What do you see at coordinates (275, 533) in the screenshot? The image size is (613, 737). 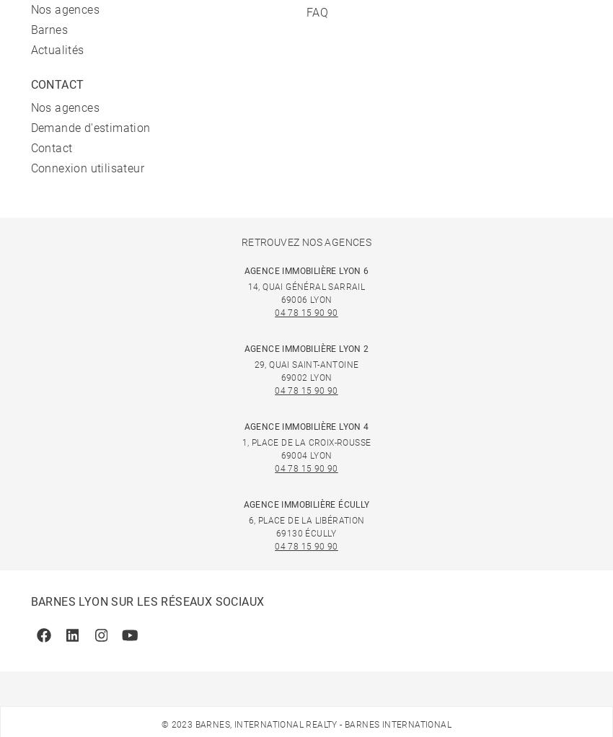 I see `'69130 Écully'` at bounding box center [275, 533].